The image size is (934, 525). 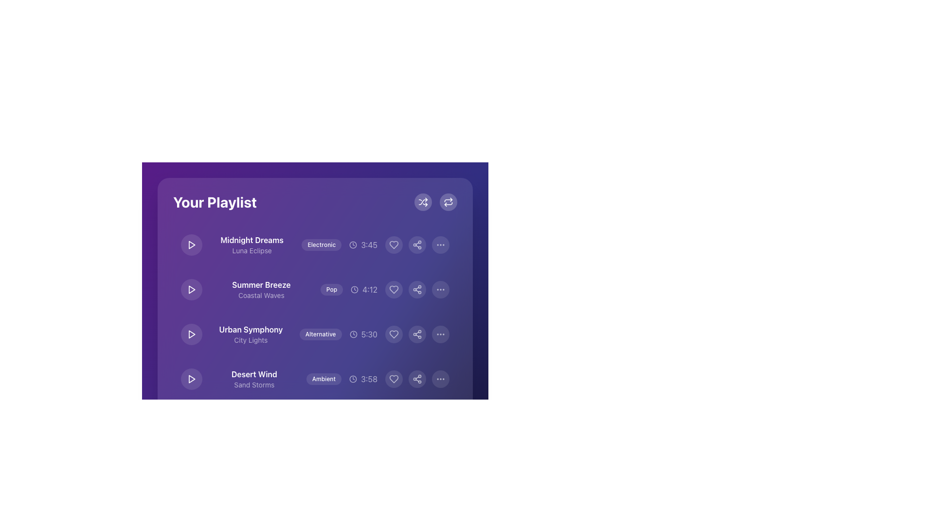 What do you see at coordinates (191, 245) in the screenshot?
I see `the circular button with a white play icon next to the text 'Midnight Dreams' to play the item` at bounding box center [191, 245].